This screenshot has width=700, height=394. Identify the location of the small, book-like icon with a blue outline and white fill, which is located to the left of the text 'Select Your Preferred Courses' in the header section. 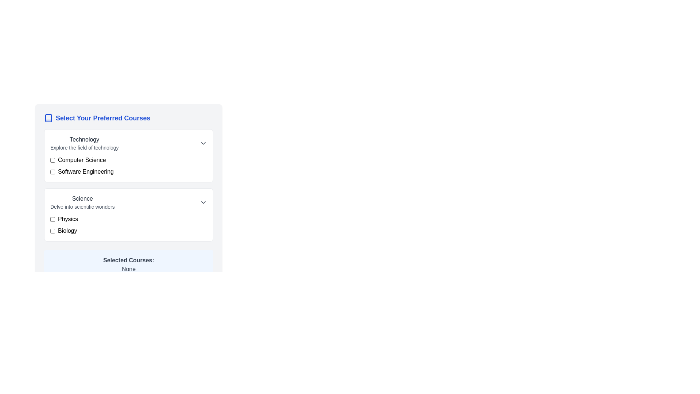
(48, 118).